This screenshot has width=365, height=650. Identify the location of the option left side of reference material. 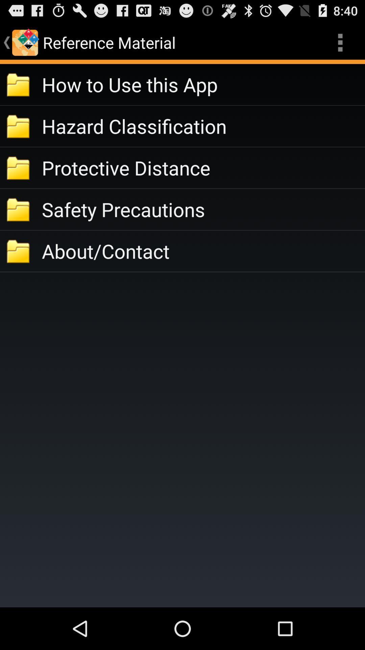
(24, 42).